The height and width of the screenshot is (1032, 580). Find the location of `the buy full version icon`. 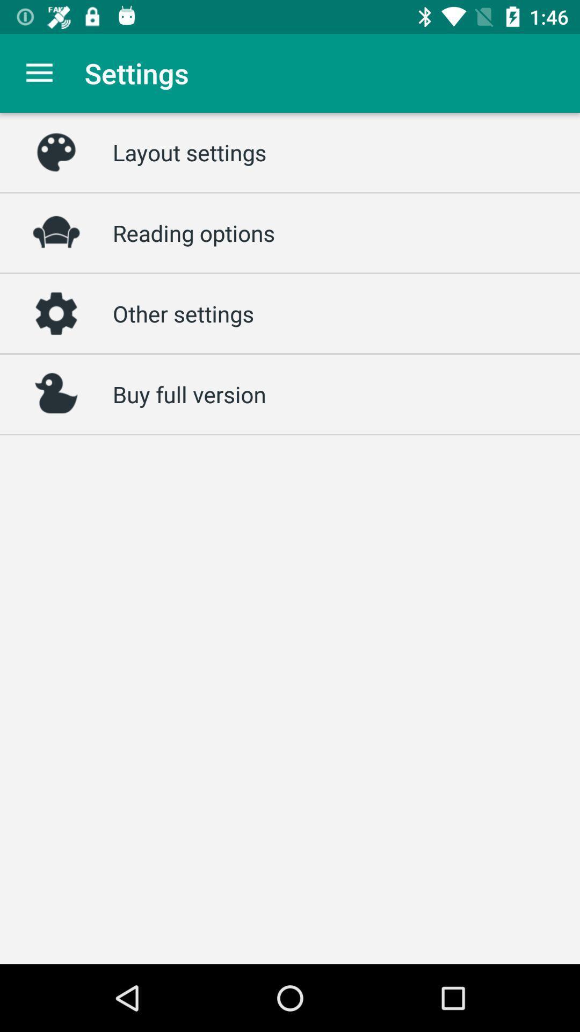

the buy full version icon is located at coordinates (189, 393).